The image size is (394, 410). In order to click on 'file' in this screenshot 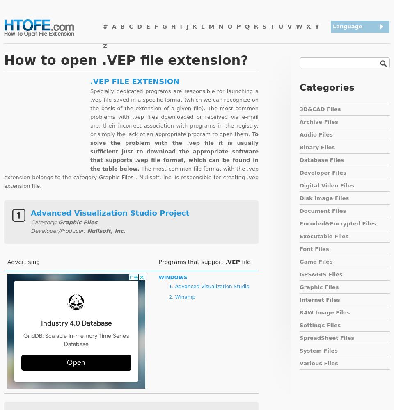, I will do `click(245, 262)`.